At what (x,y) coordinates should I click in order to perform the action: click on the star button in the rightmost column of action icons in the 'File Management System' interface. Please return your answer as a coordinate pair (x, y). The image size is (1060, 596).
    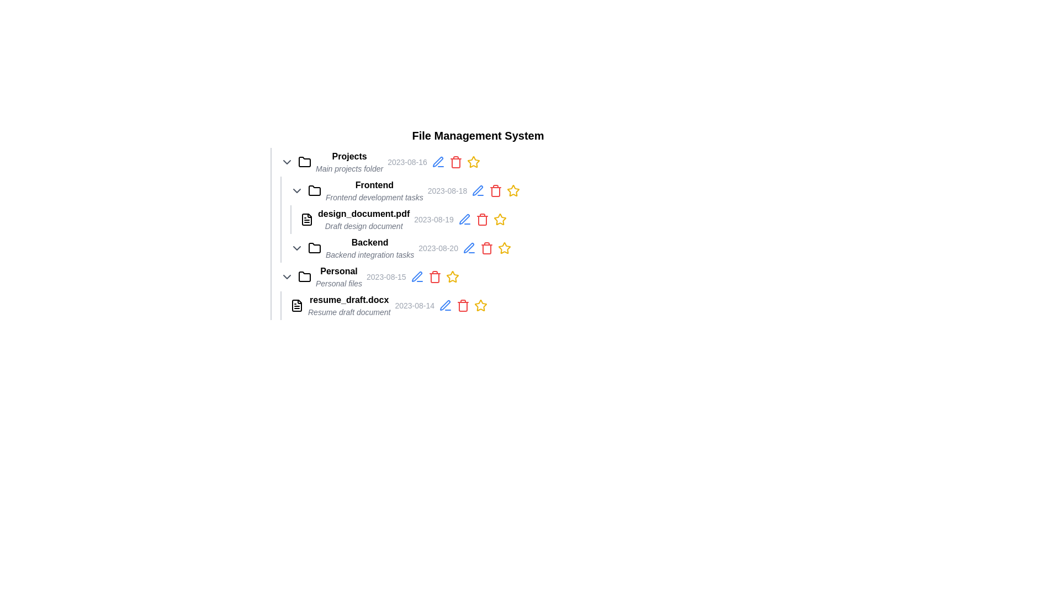
    Looking at the image, I should click on (513, 190).